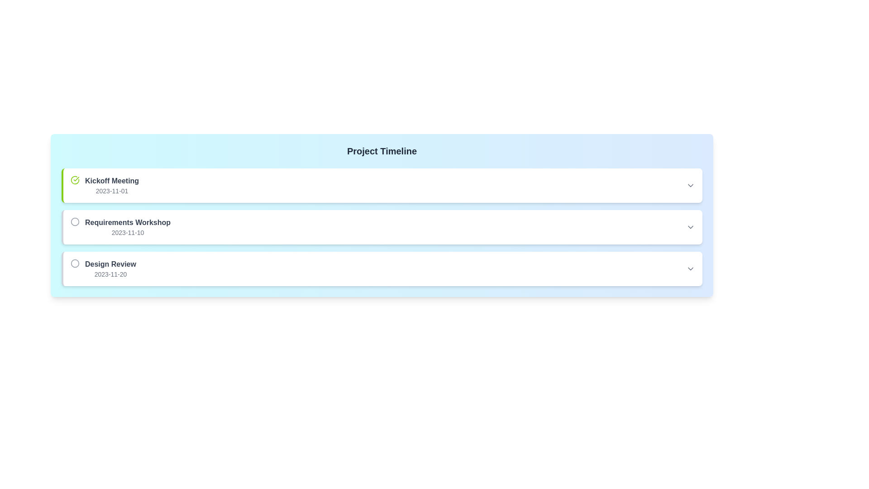 The width and height of the screenshot is (869, 489). What do you see at coordinates (75, 180) in the screenshot?
I see `the icon that visually indicates the completion of the 'Kickoff Meeting', located to the left of the text 'Kickoff Meeting'` at bounding box center [75, 180].